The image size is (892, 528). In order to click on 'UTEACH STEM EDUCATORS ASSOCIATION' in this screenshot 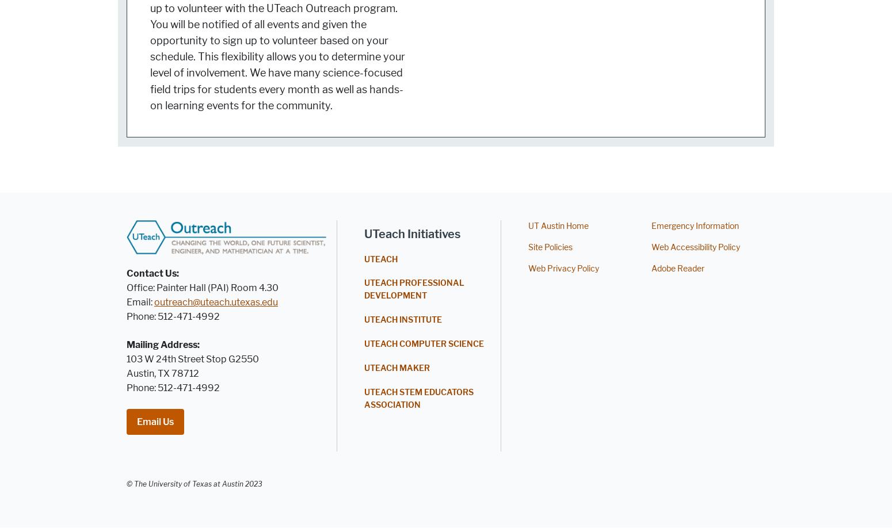, I will do `click(419, 397)`.